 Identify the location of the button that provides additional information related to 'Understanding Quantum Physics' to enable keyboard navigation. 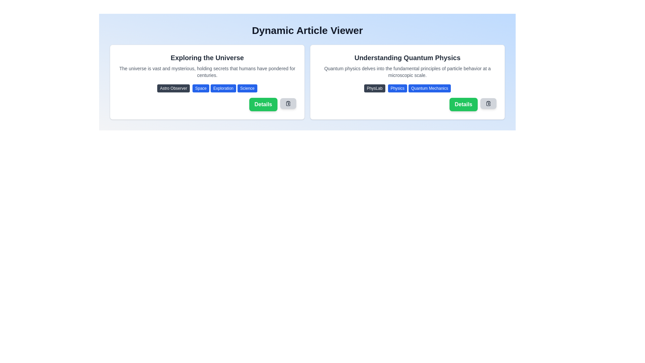
(463, 105).